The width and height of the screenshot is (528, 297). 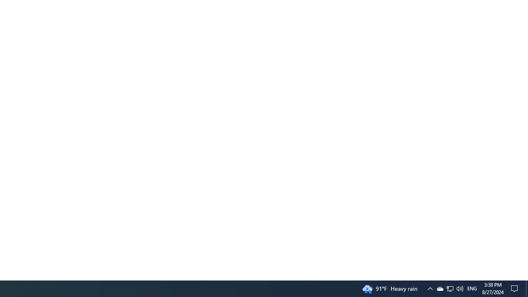 I want to click on 'Notification Chevron', so click(x=450, y=288).